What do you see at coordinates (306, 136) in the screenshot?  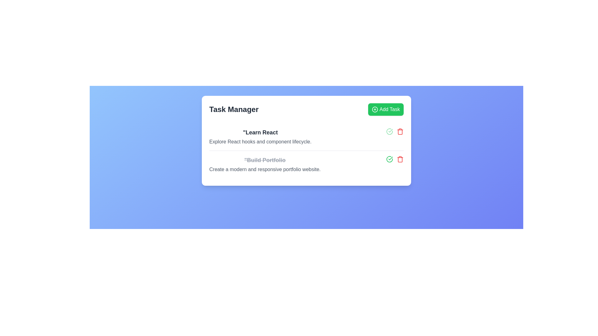 I see `the first task item in the task list located beneath the 'Task Manager' header` at bounding box center [306, 136].